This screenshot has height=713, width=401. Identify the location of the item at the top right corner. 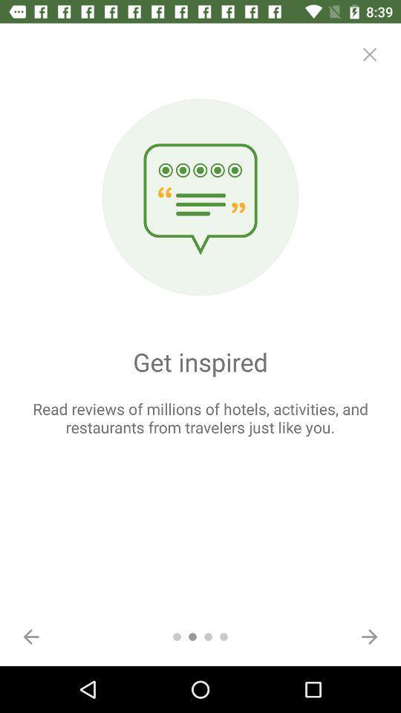
(368, 54).